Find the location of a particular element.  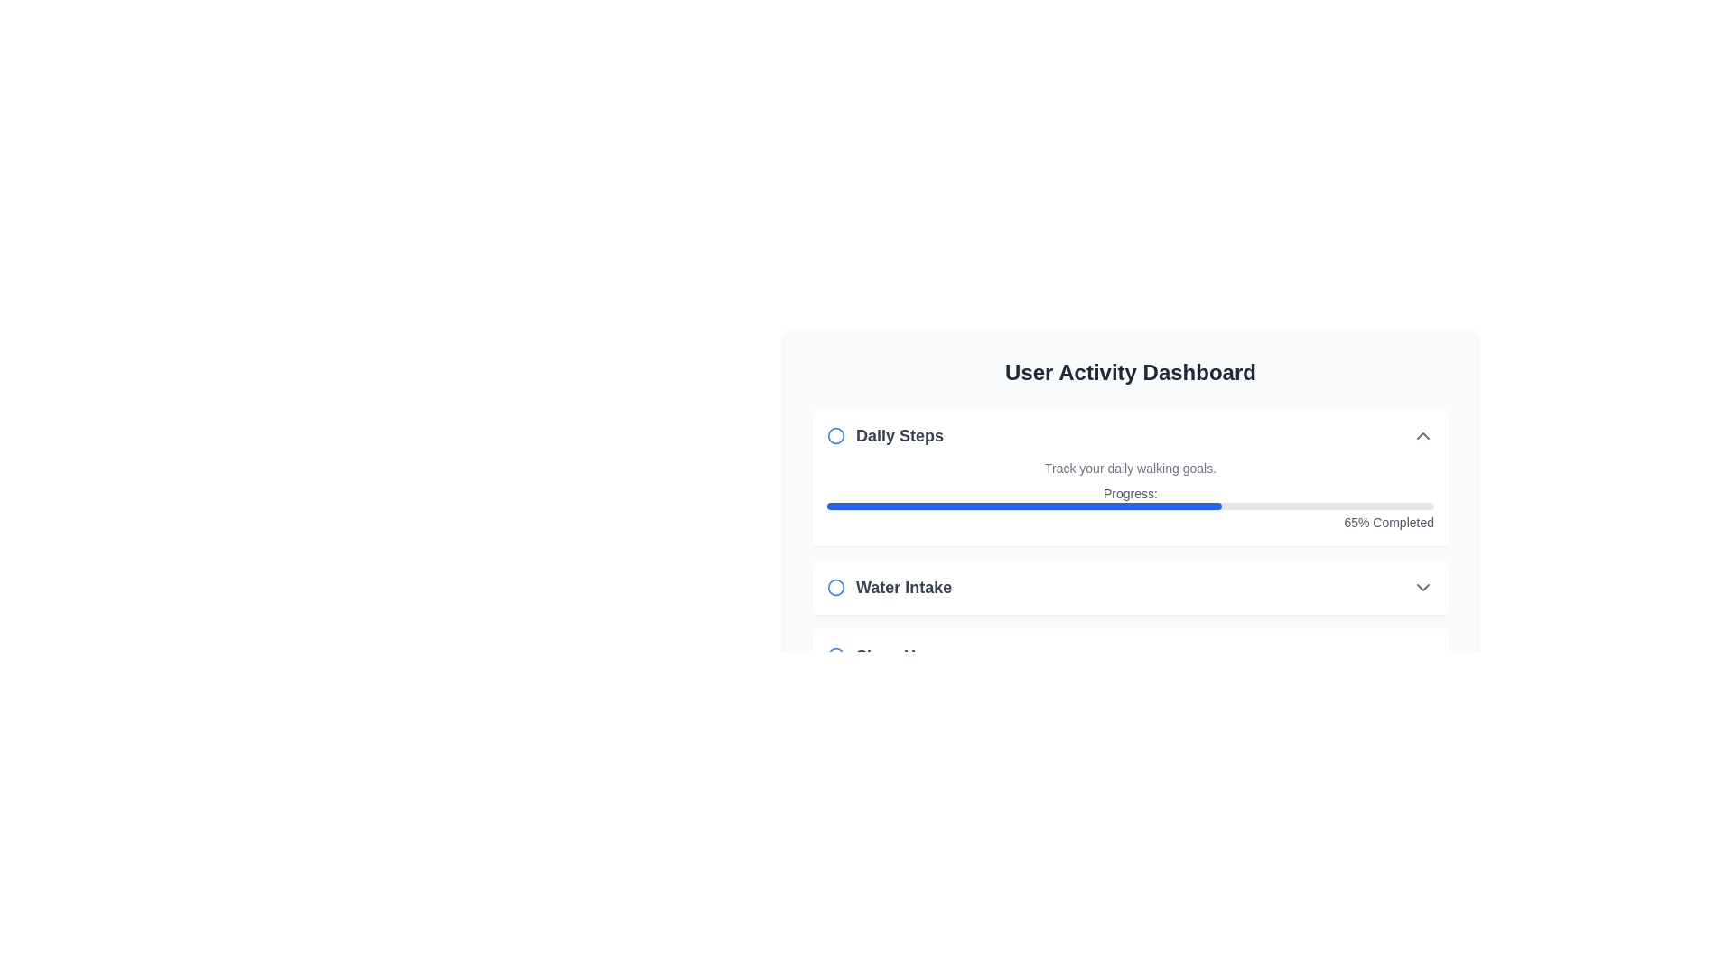

the icon representing the 'Water Intake' feature in the user activity dashboard is located at coordinates (890, 588).